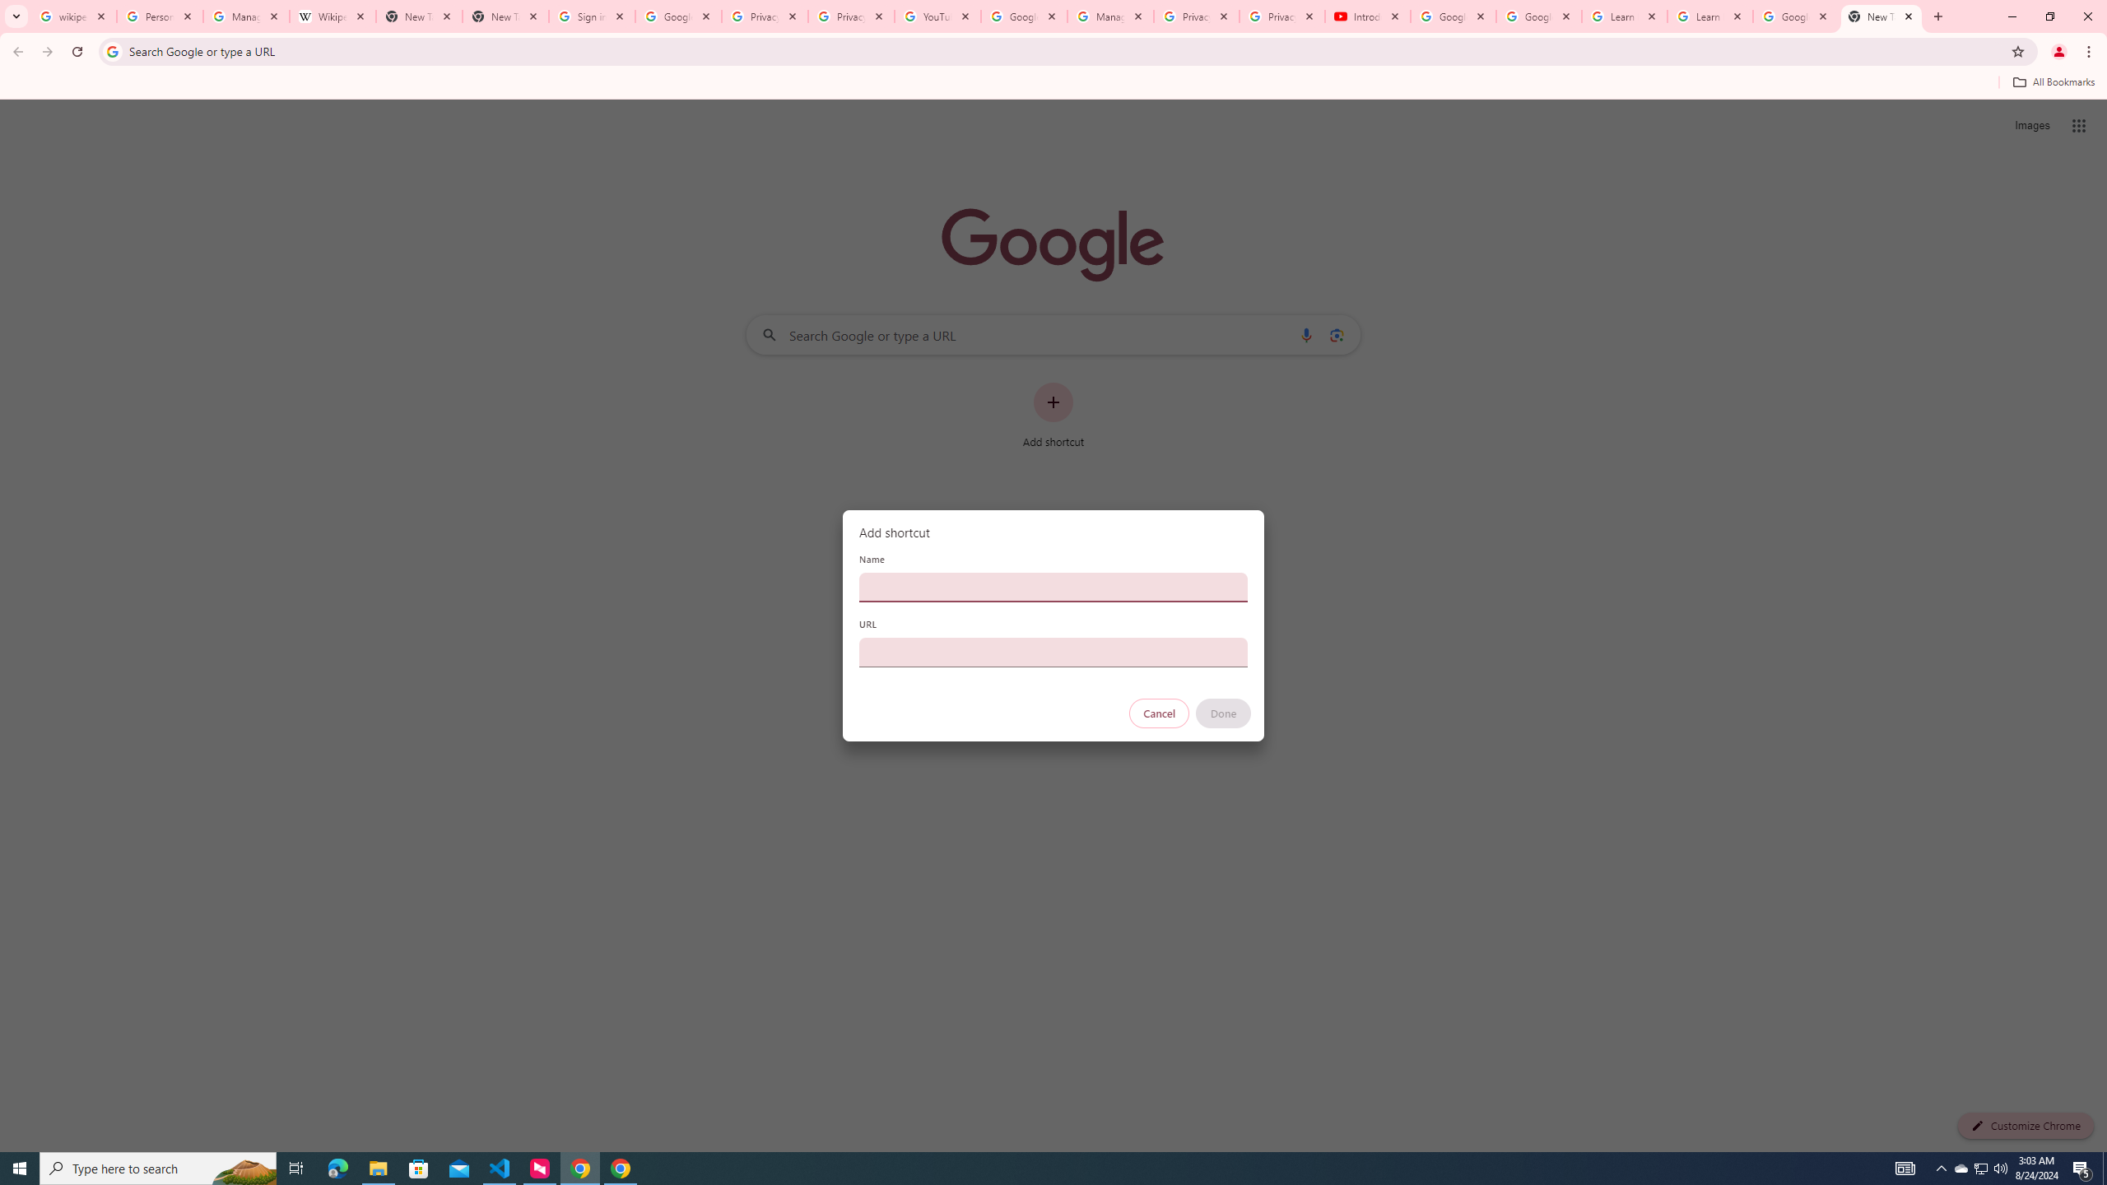 The image size is (2107, 1185). I want to click on 'Name', so click(1053, 586).